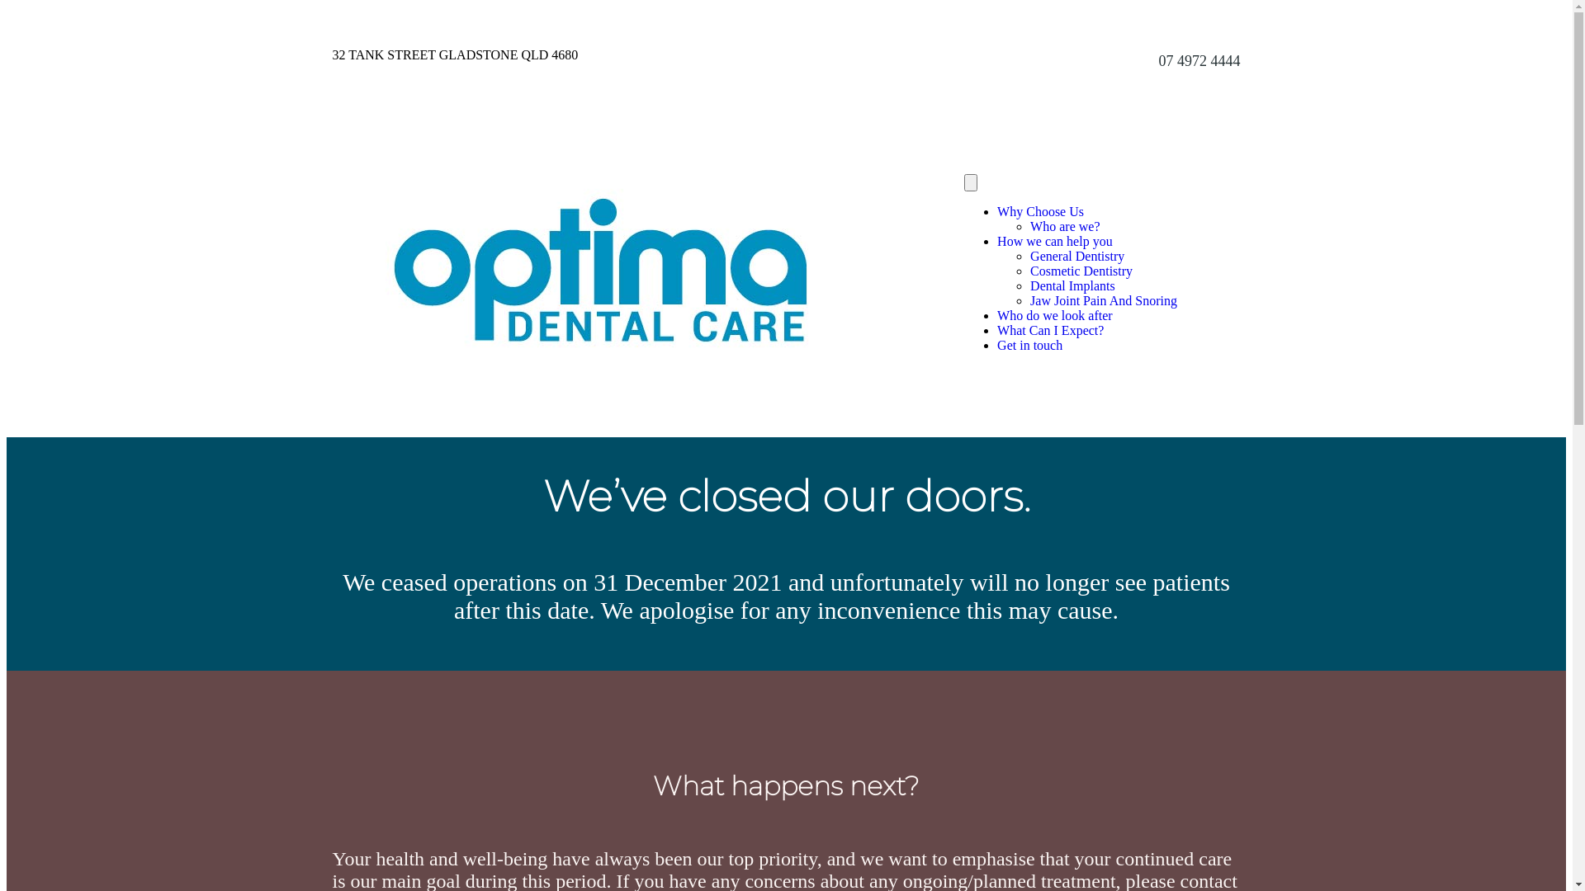  I want to click on 'Cosmetic Dentistry', so click(1081, 270).